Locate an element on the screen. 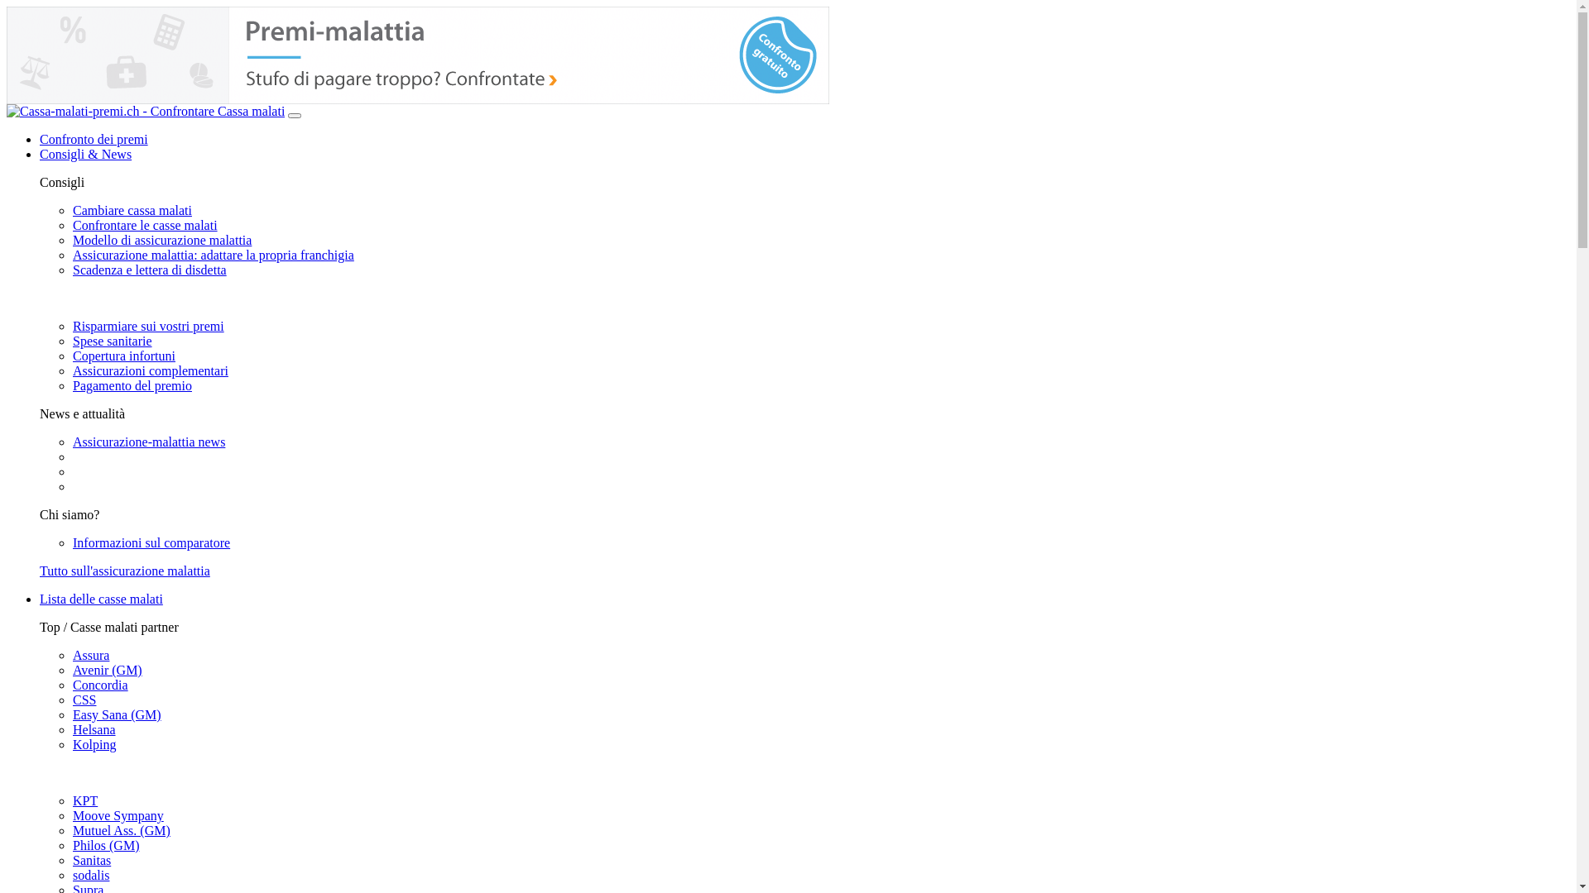 This screenshot has height=893, width=1589. 'Philos (GM)' is located at coordinates (105, 845).